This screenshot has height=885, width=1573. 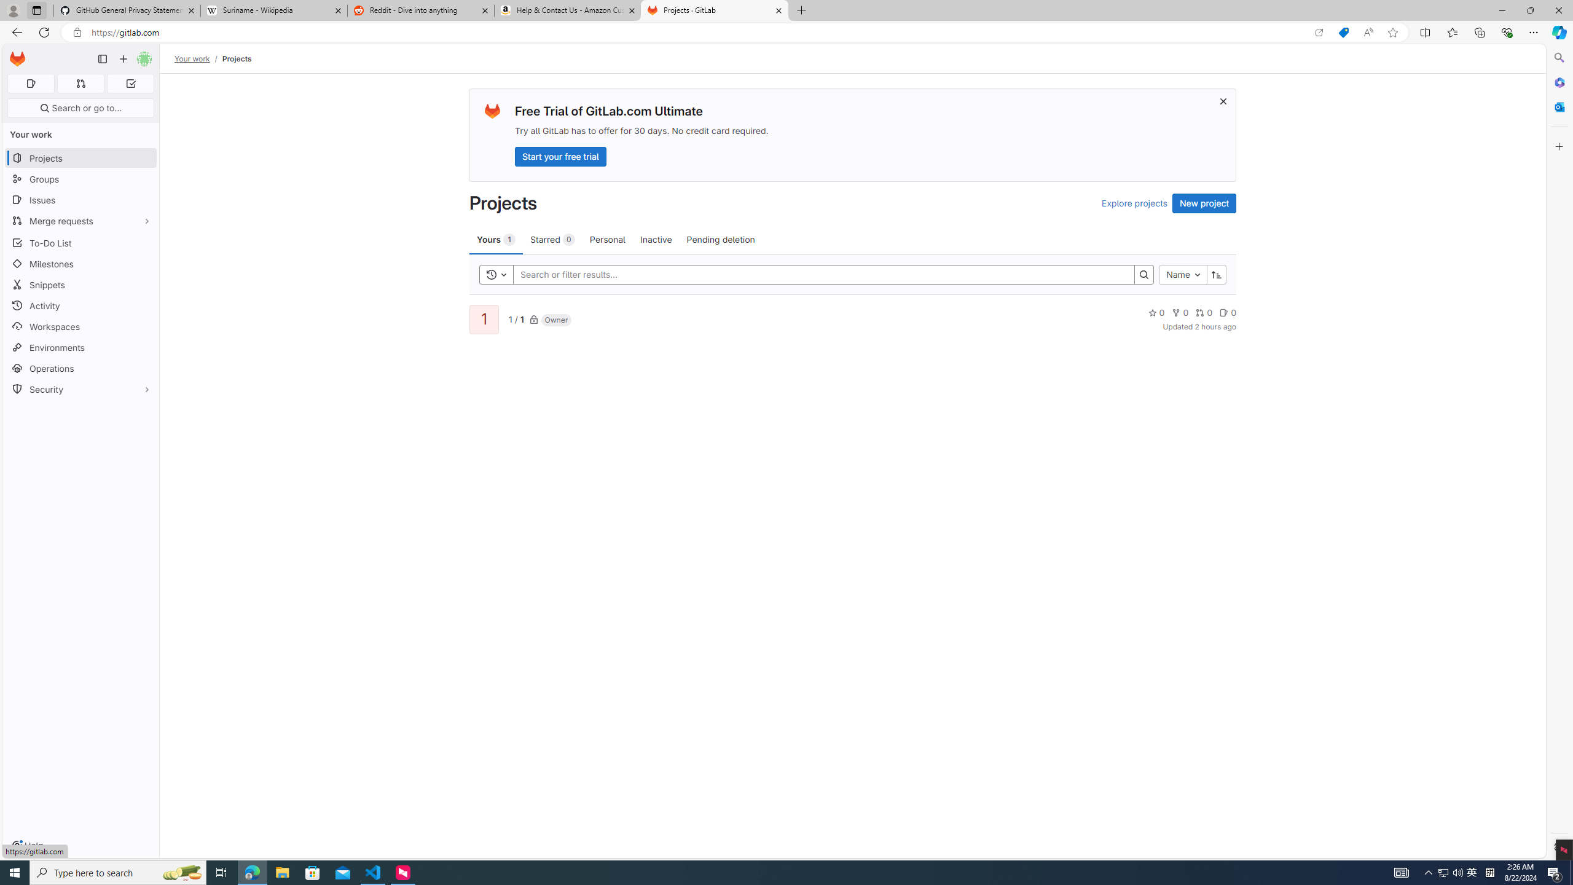 What do you see at coordinates (80, 388) in the screenshot?
I see `'Security'` at bounding box center [80, 388].